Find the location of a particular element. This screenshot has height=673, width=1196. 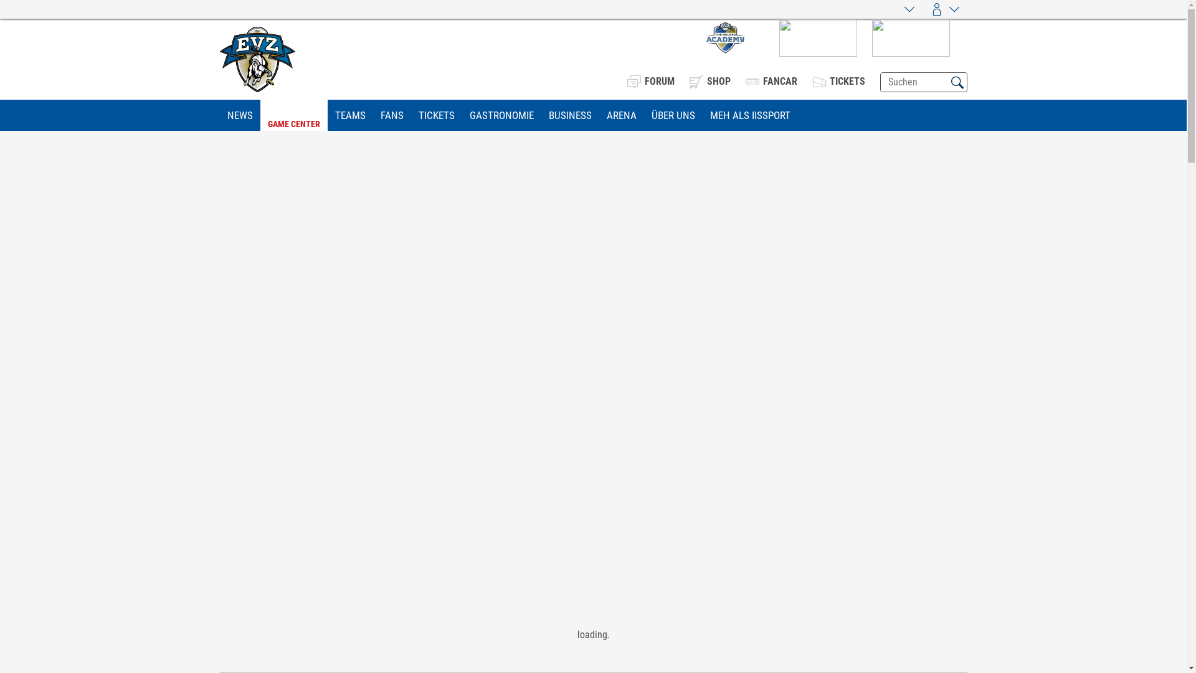

'FANS' is located at coordinates (391, 115).